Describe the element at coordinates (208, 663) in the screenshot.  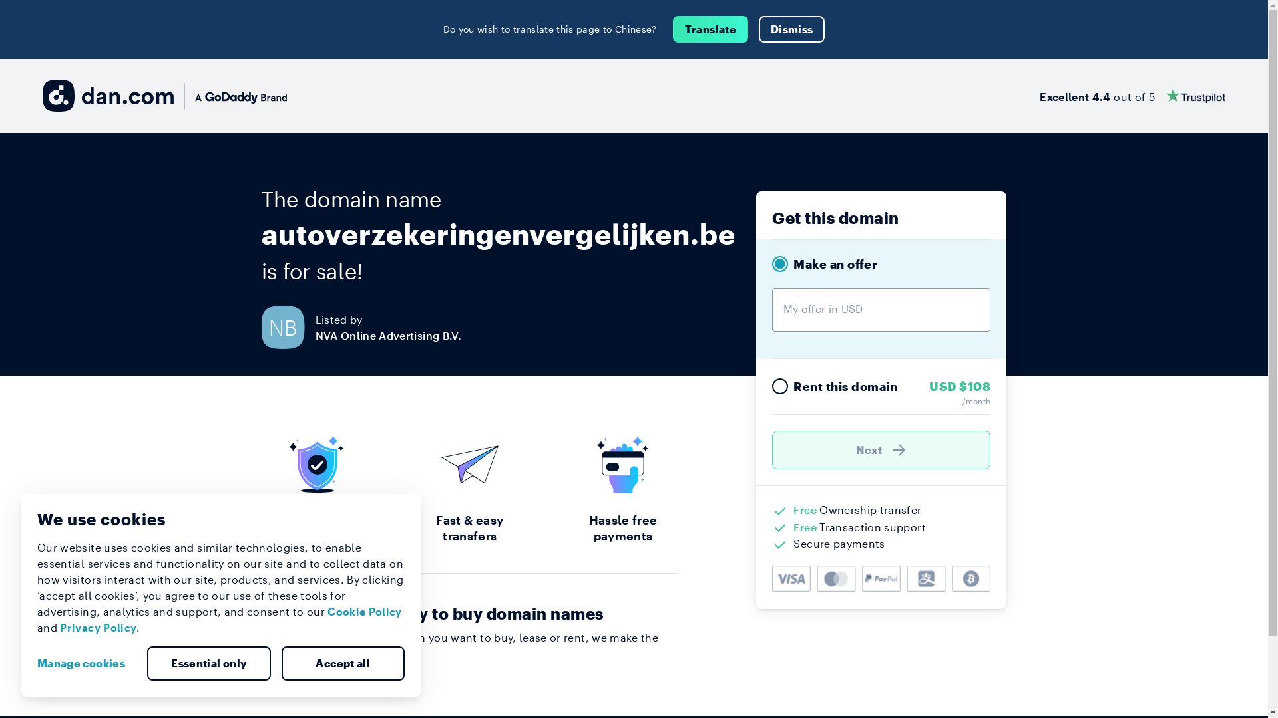
I see `'Essential only'` at that location.